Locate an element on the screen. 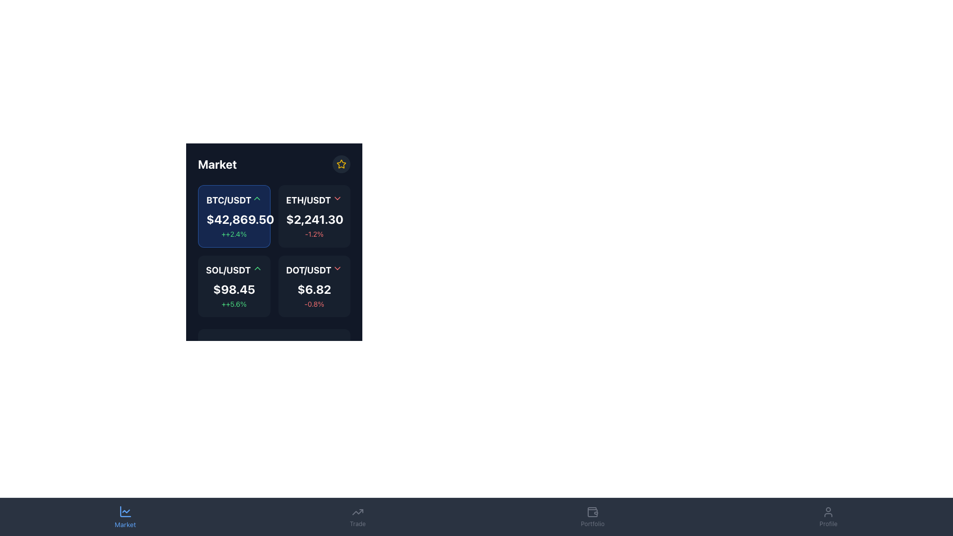 The width and height of the screenshot is (953, 536). the blue 'Market' button with a line chart icon is located at coordinates (125, 516).